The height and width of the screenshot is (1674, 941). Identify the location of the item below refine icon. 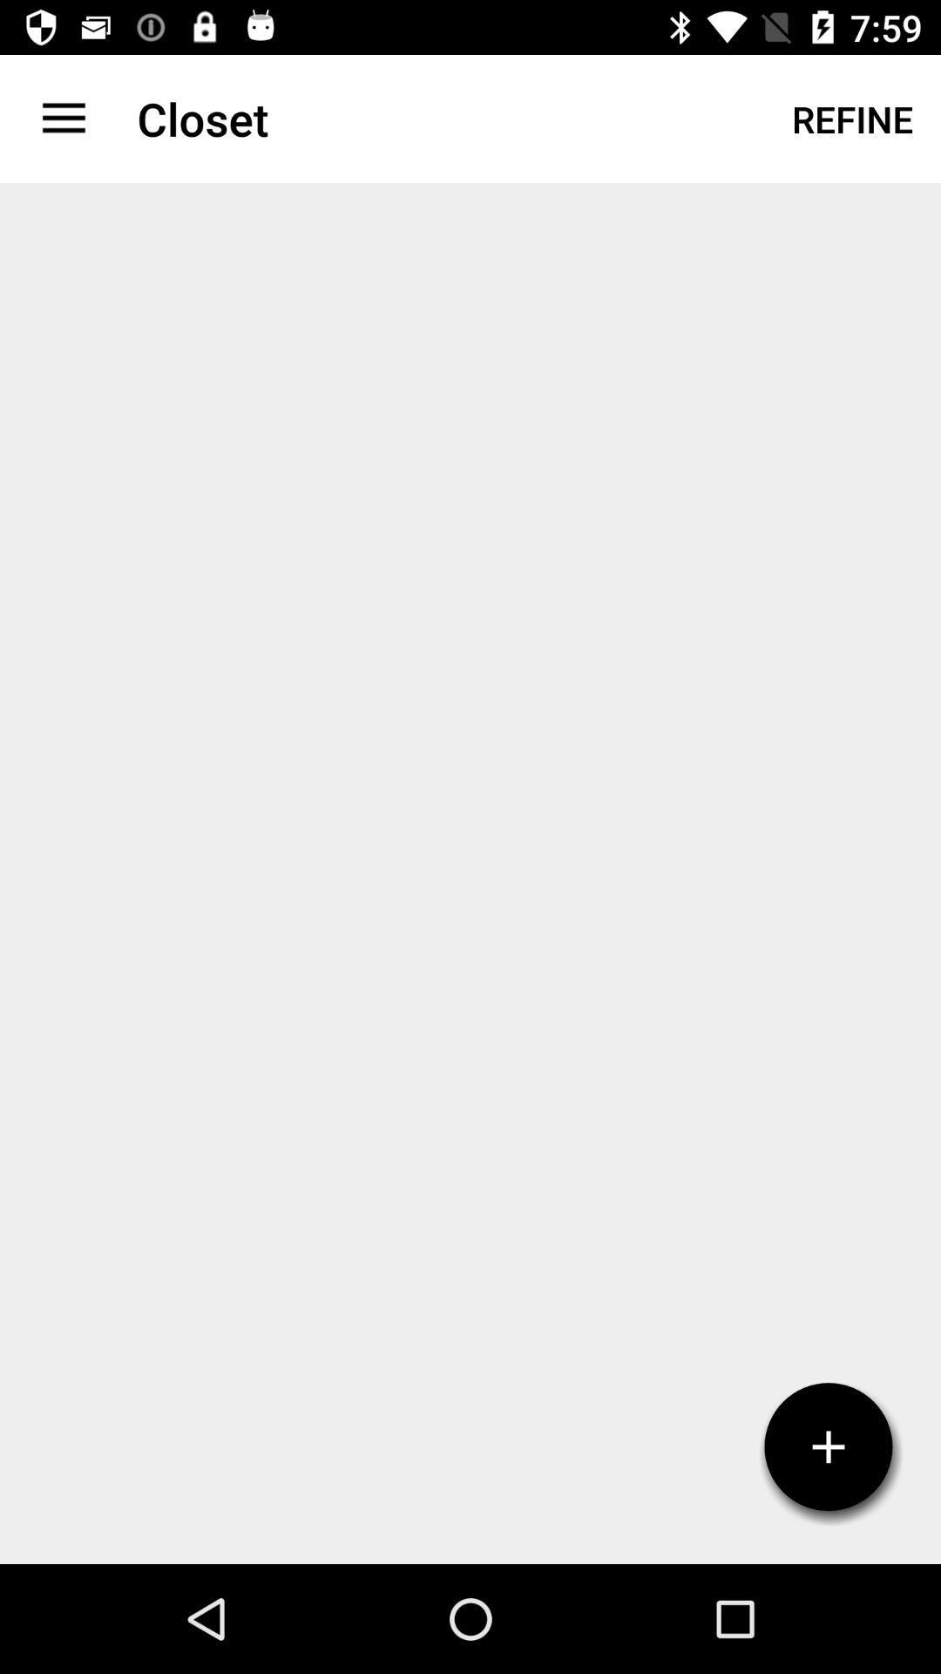
(828, 1446).